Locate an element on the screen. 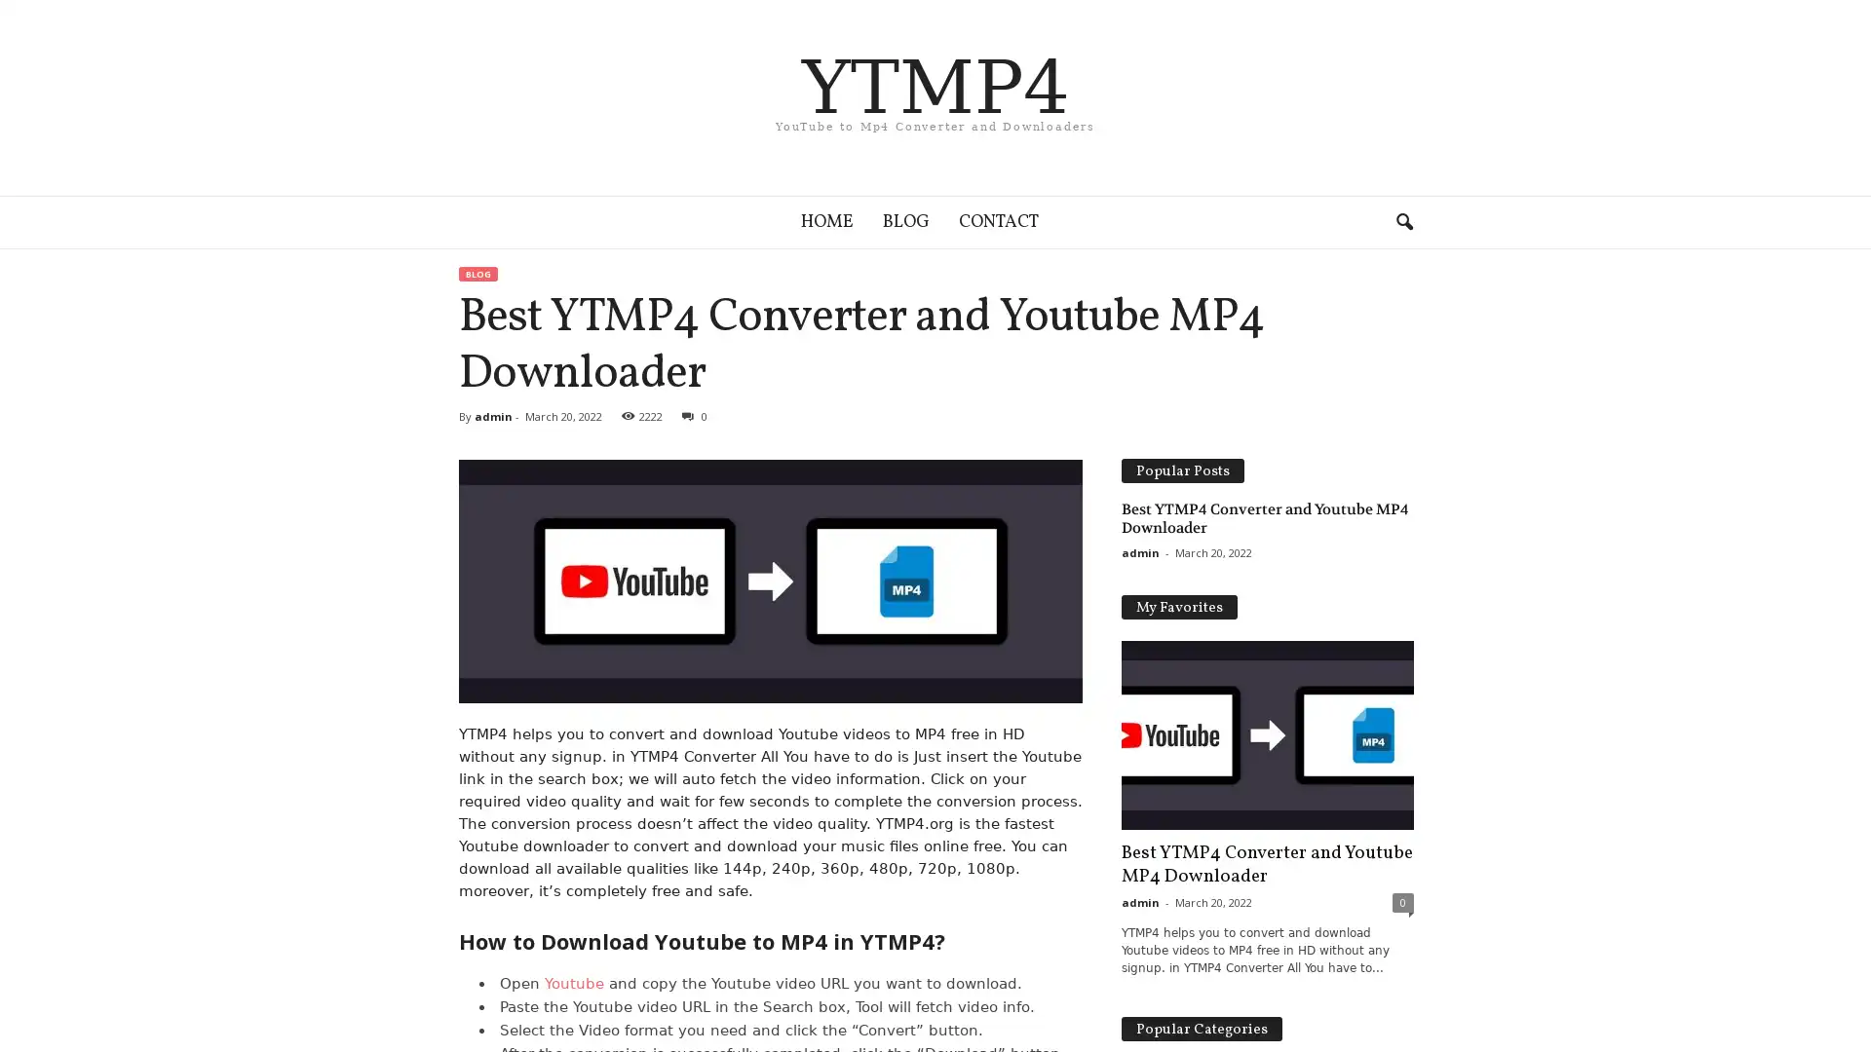  search icon is located at coordinates (1403, 220).